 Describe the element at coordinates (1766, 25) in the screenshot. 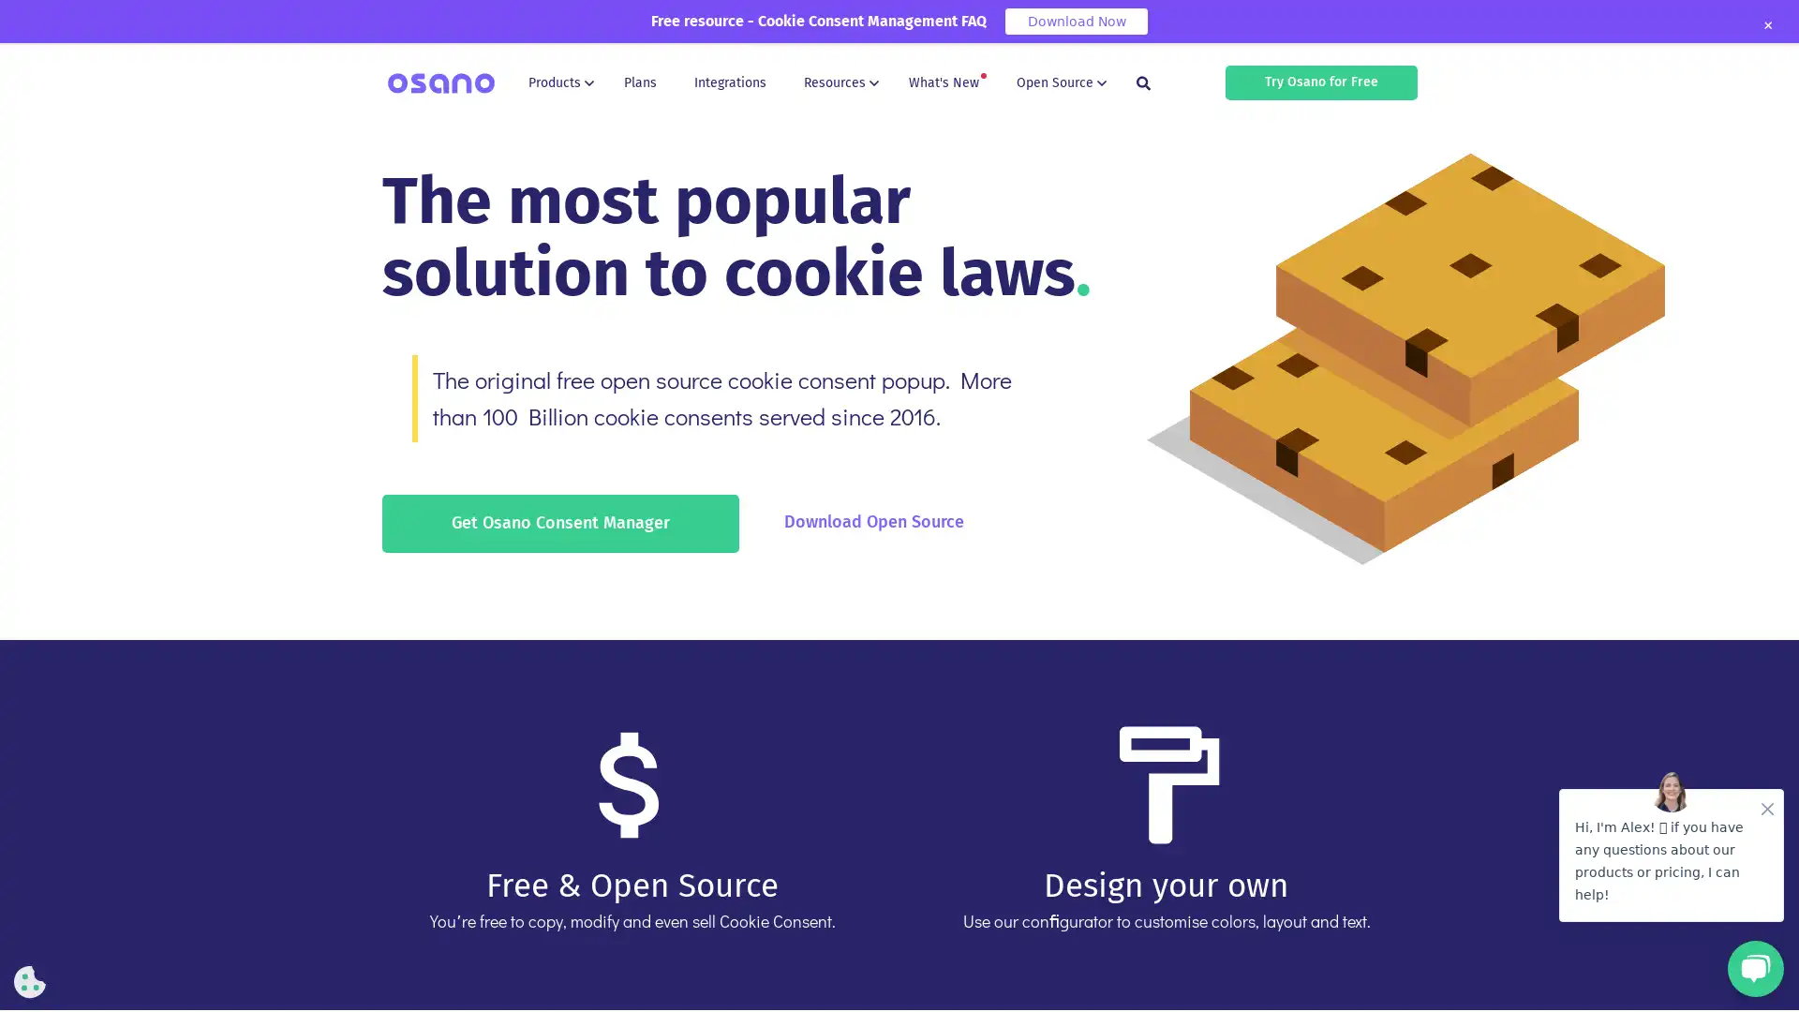

I see `Close` at that location.